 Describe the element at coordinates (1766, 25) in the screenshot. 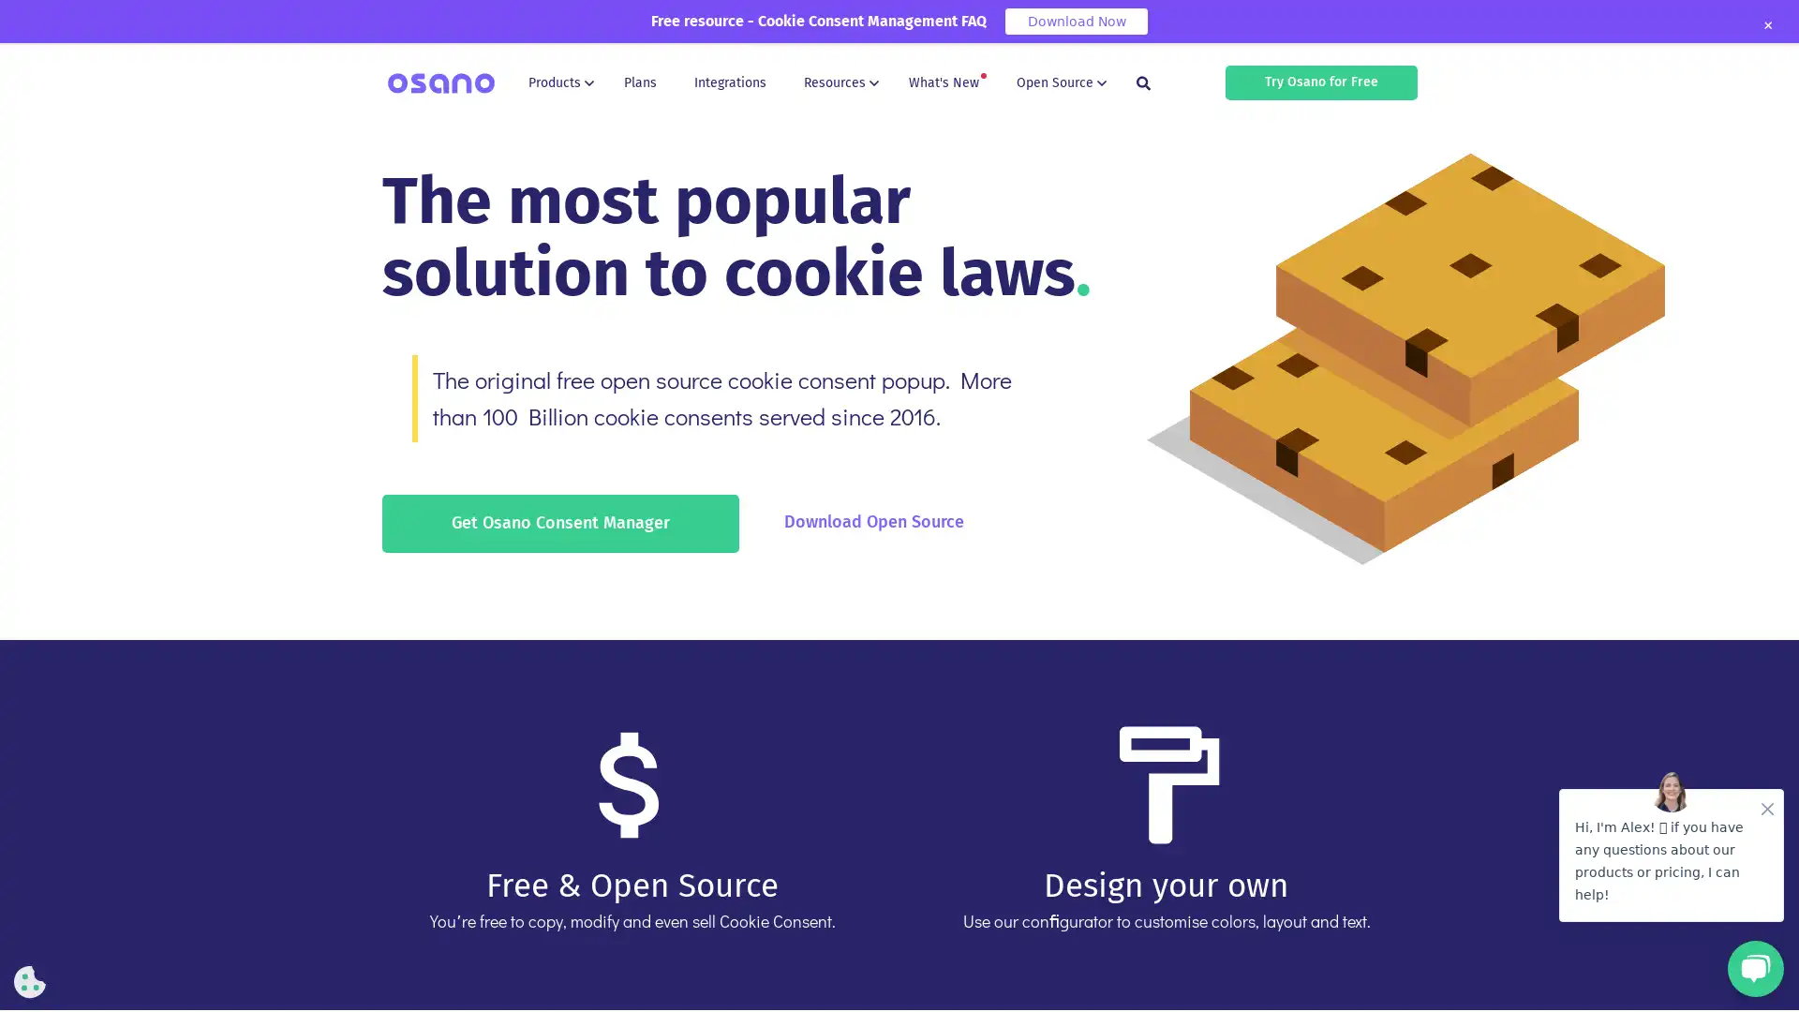

I see `Close` at that location.